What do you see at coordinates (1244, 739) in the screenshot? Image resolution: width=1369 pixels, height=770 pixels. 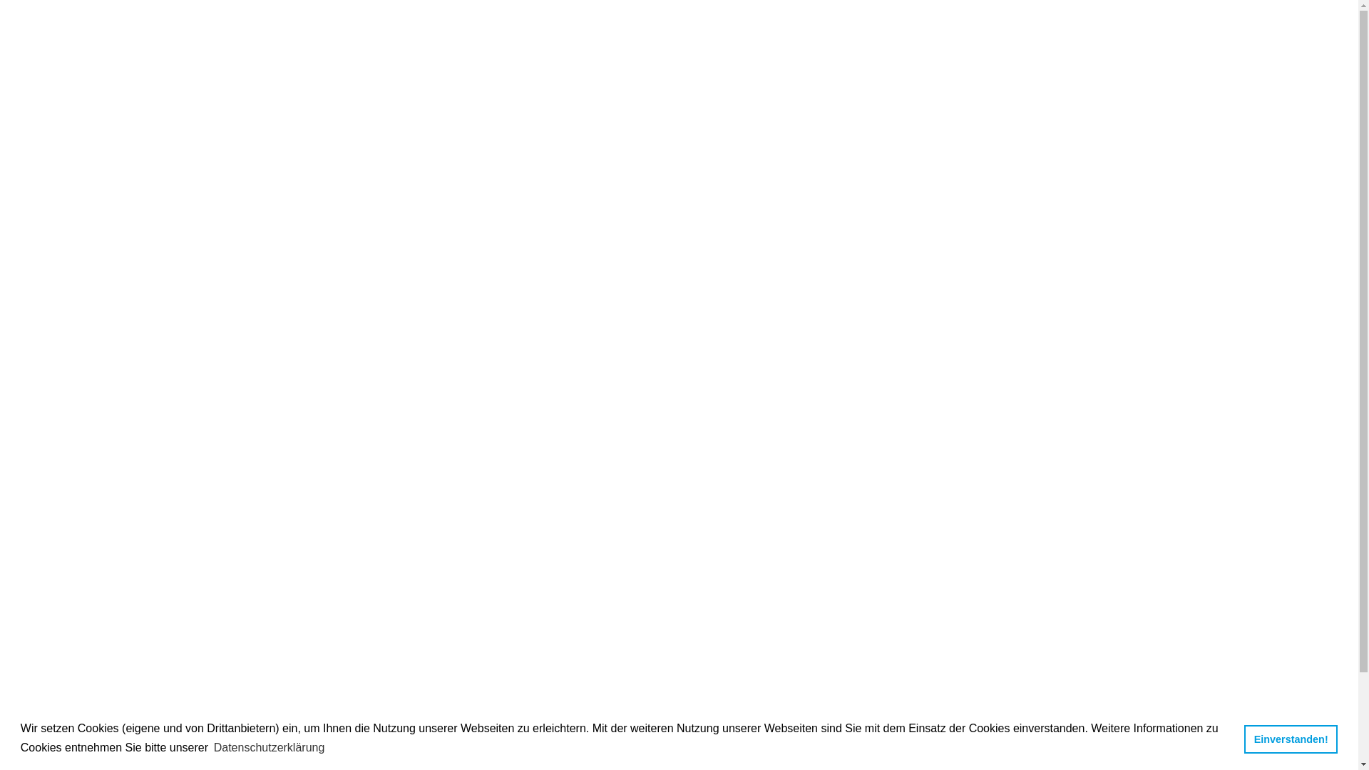 I see `'Einverstanden!'` at bounding box center [1244, 739].